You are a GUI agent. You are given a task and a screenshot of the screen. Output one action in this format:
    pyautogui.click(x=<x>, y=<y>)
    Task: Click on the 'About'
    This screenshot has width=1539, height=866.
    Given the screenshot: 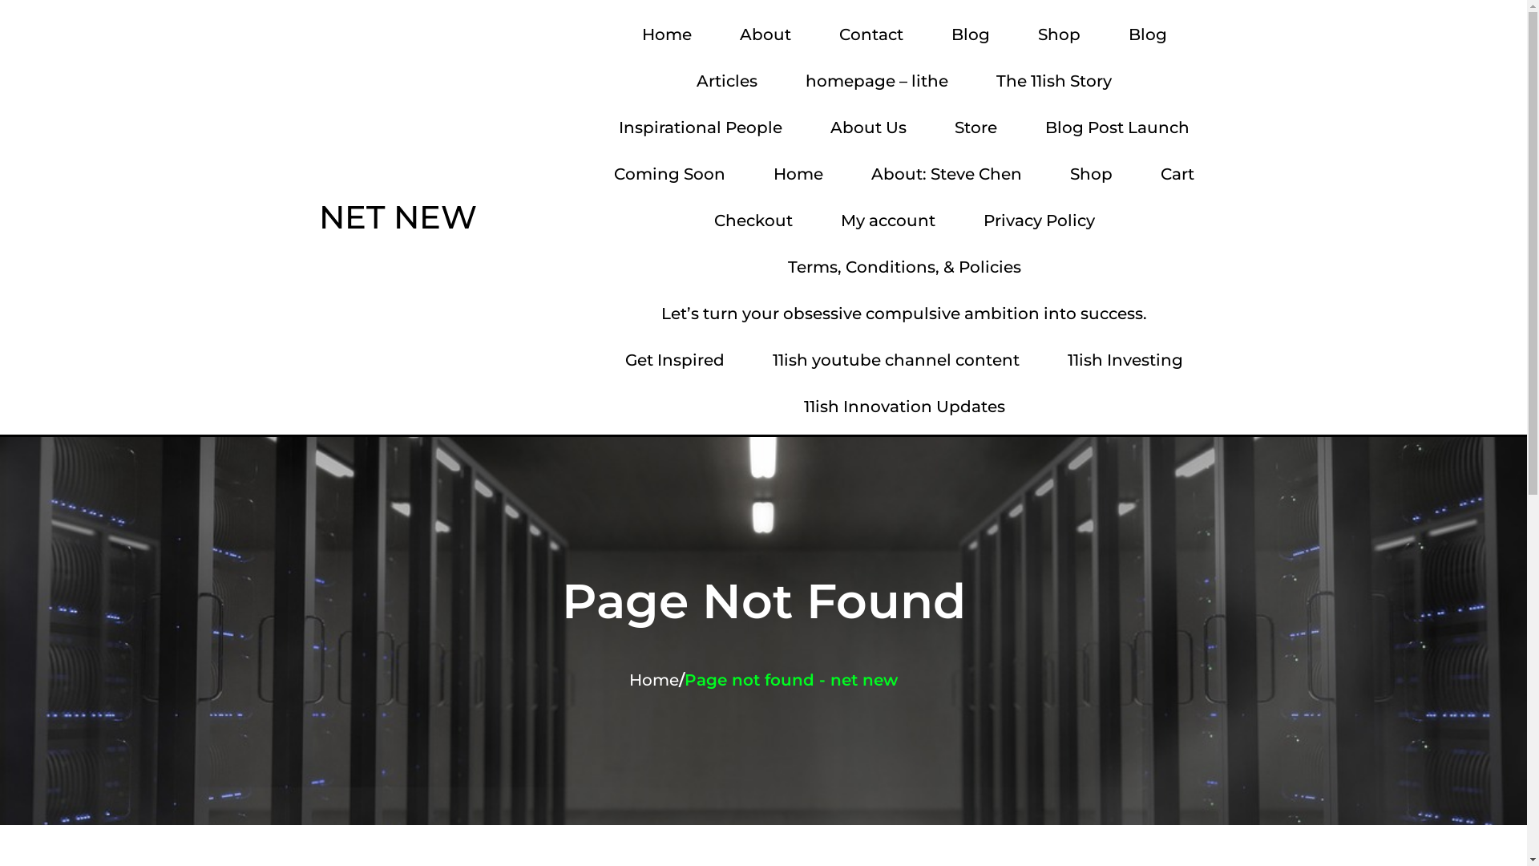 What is the action you would take?
    pyautogui.click(x=765, y=34)
    